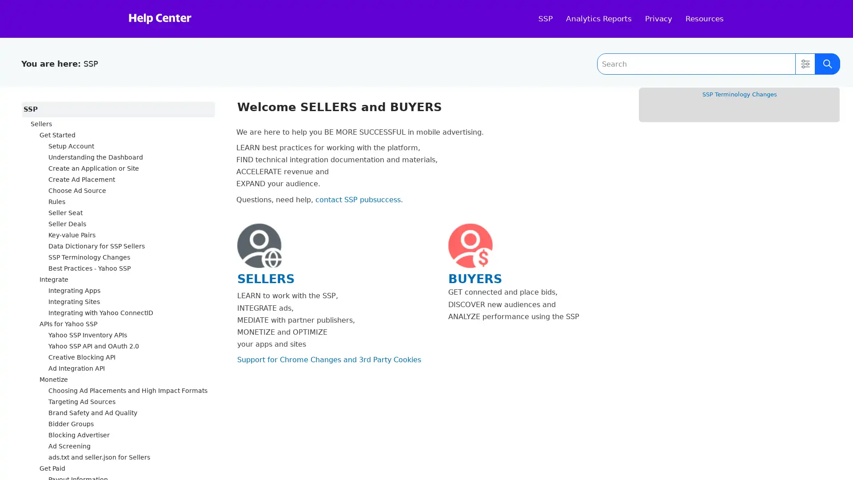 The image size is (853, 480). What do you see at coordinates (117, 469) in the screenshot?
I see `Get Paid` at bounding box center [117, 469].